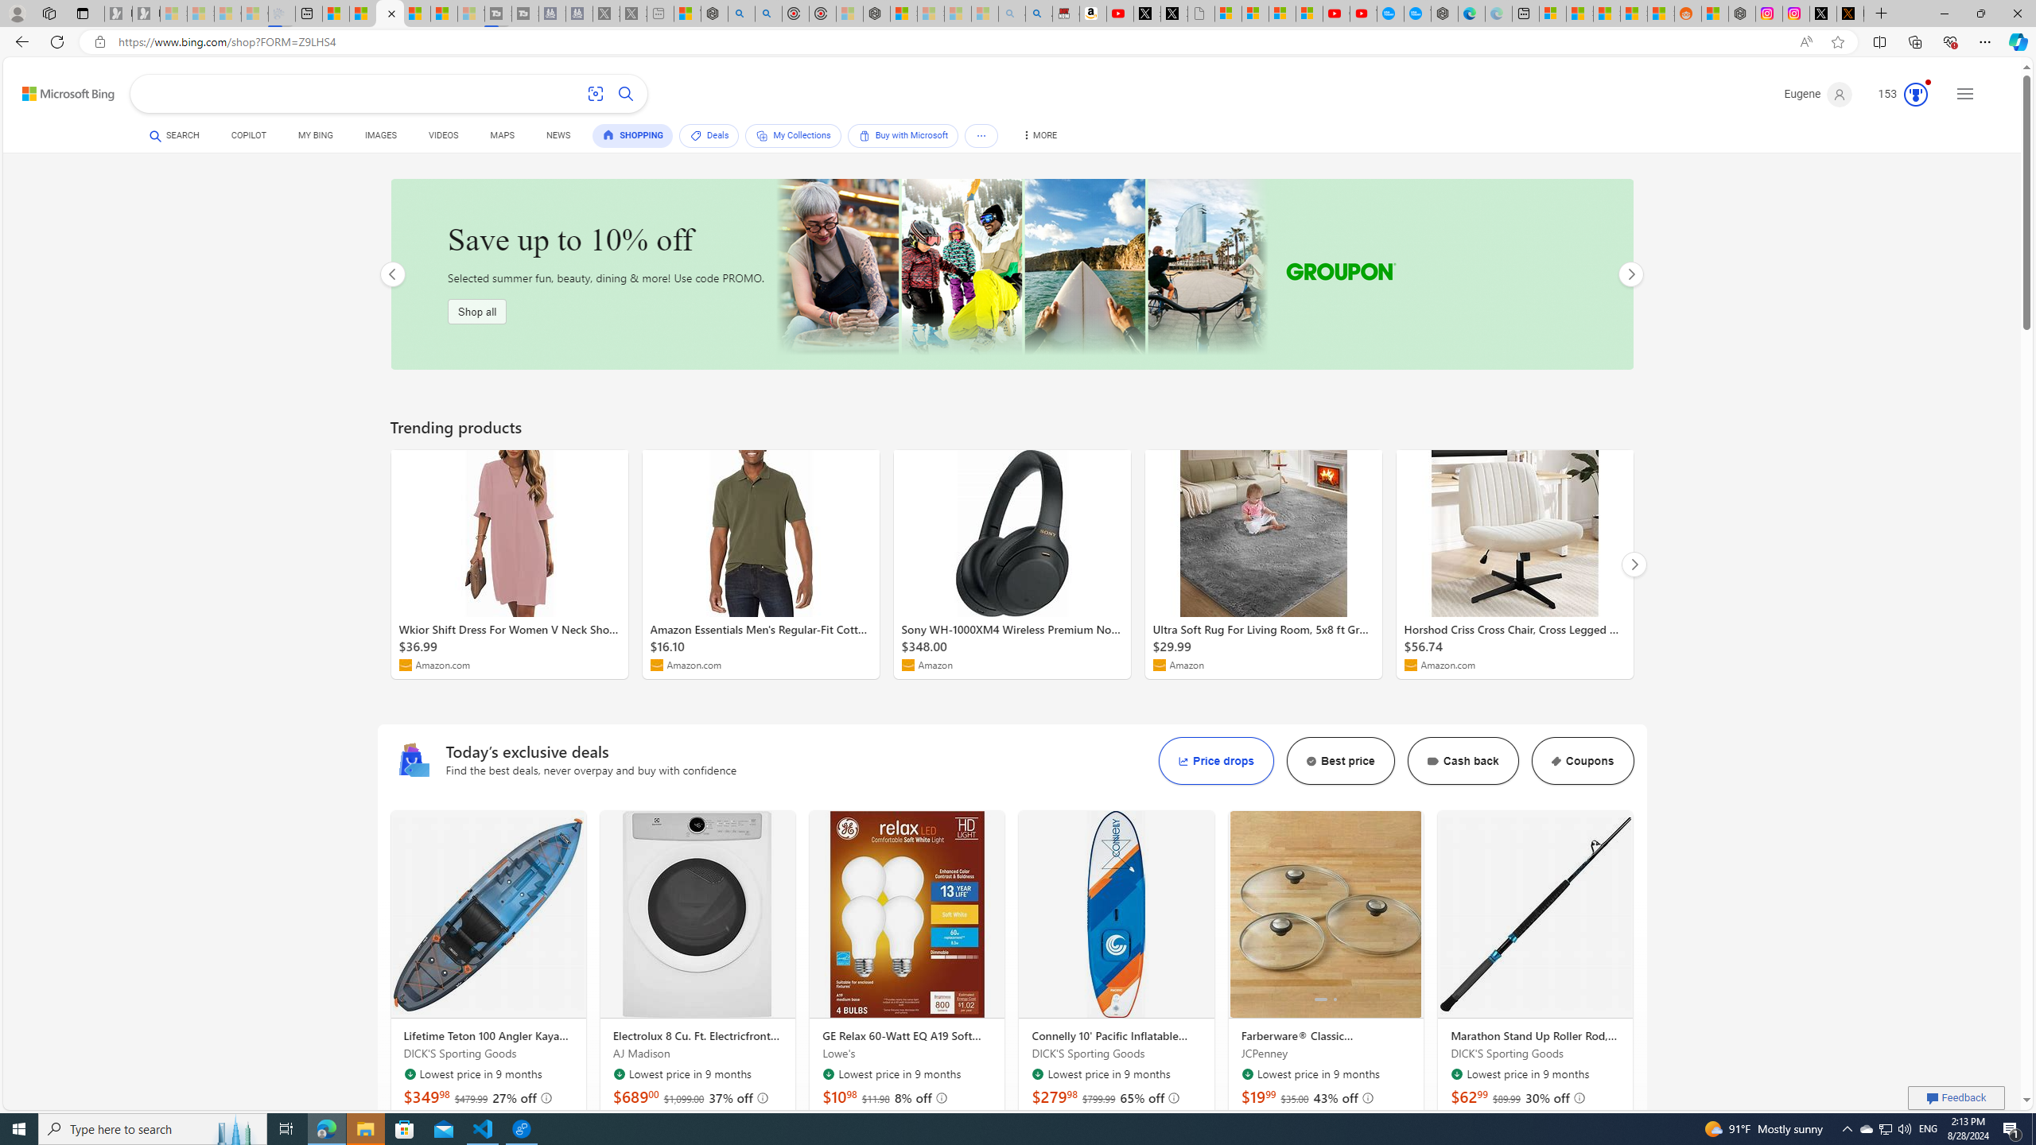 The image size is (2036, 1145). I want to click on 'Eugene', so click(1818, 94).